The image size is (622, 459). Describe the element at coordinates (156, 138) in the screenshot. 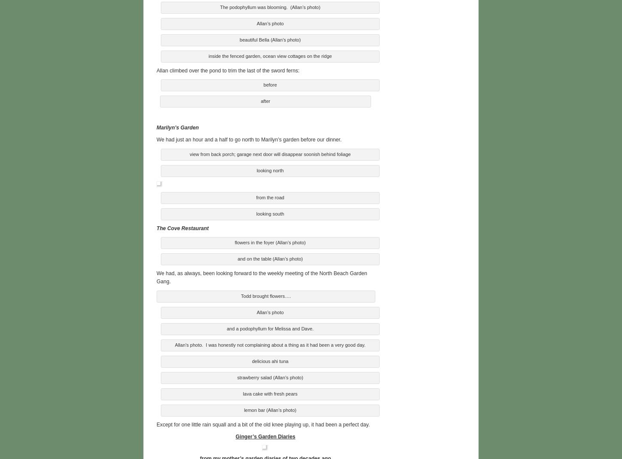

I see `'We had just an hour and a half to go north to Marilyn’s garden before our dinner.'` at that location.